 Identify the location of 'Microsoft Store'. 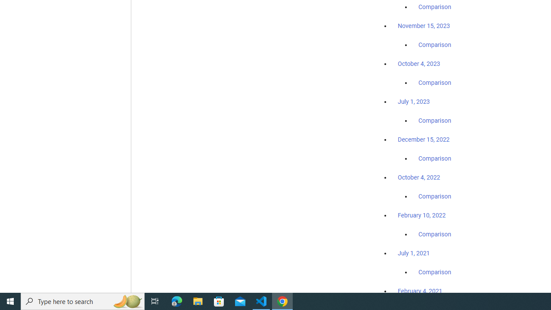
(219, 301).